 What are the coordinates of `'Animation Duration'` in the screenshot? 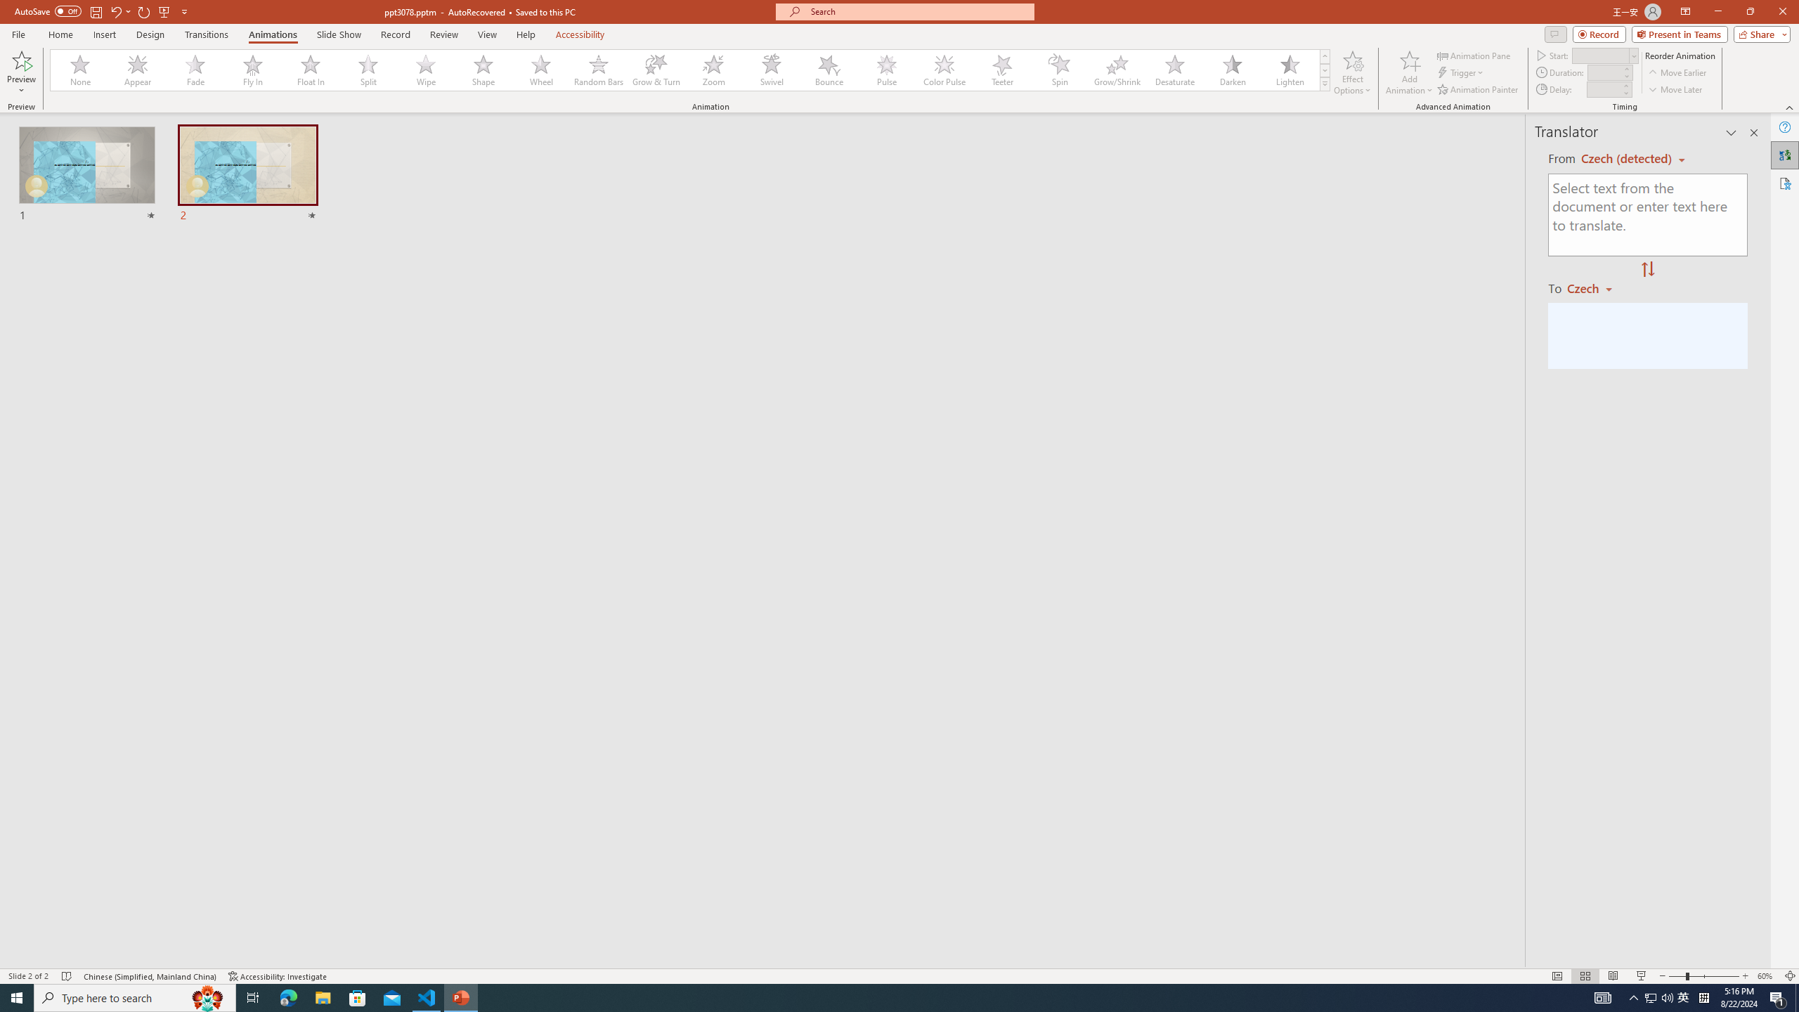 It's located at (1604, 72).